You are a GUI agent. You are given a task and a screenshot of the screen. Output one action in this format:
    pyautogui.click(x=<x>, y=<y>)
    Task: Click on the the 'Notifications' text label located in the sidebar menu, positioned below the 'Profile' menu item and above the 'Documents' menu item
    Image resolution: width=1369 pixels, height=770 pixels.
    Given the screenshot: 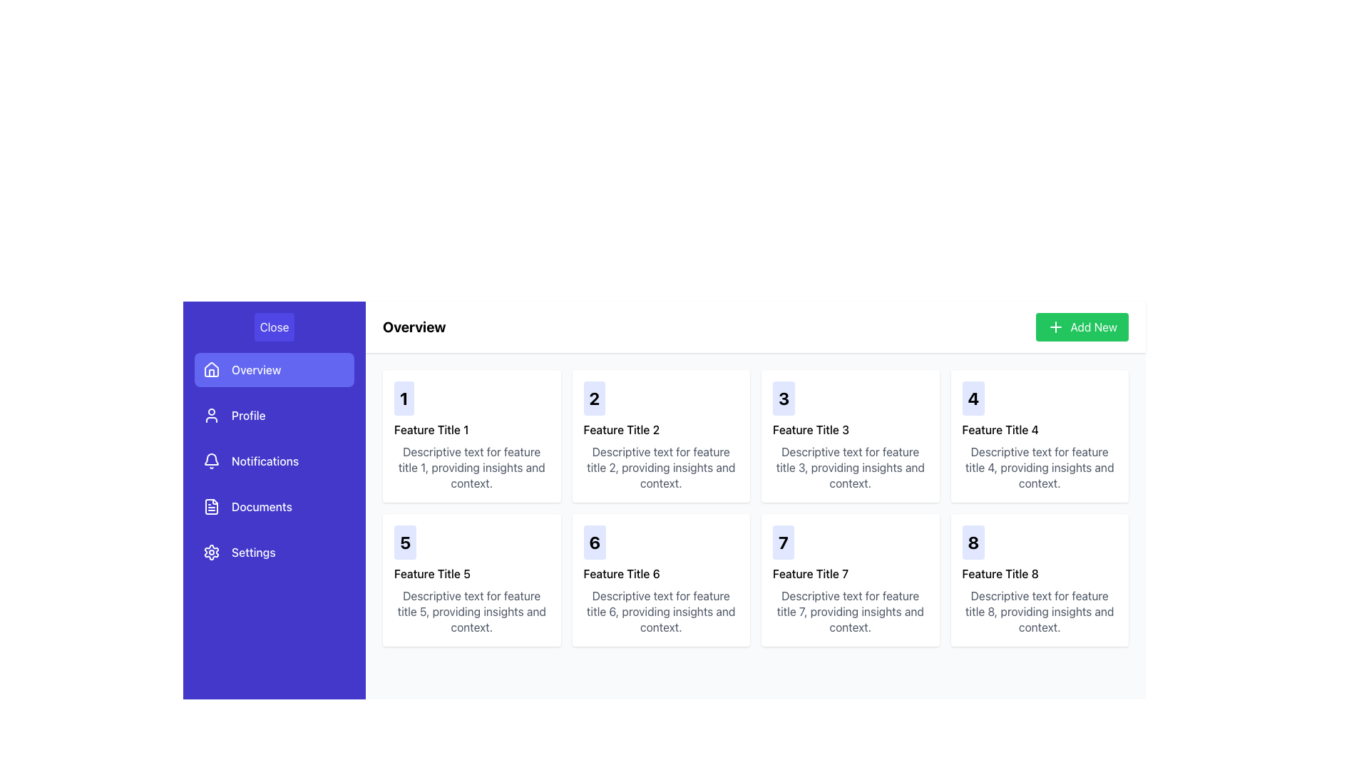 What is the action you would take?
    pyautogui.click(x=265, y=461)
    